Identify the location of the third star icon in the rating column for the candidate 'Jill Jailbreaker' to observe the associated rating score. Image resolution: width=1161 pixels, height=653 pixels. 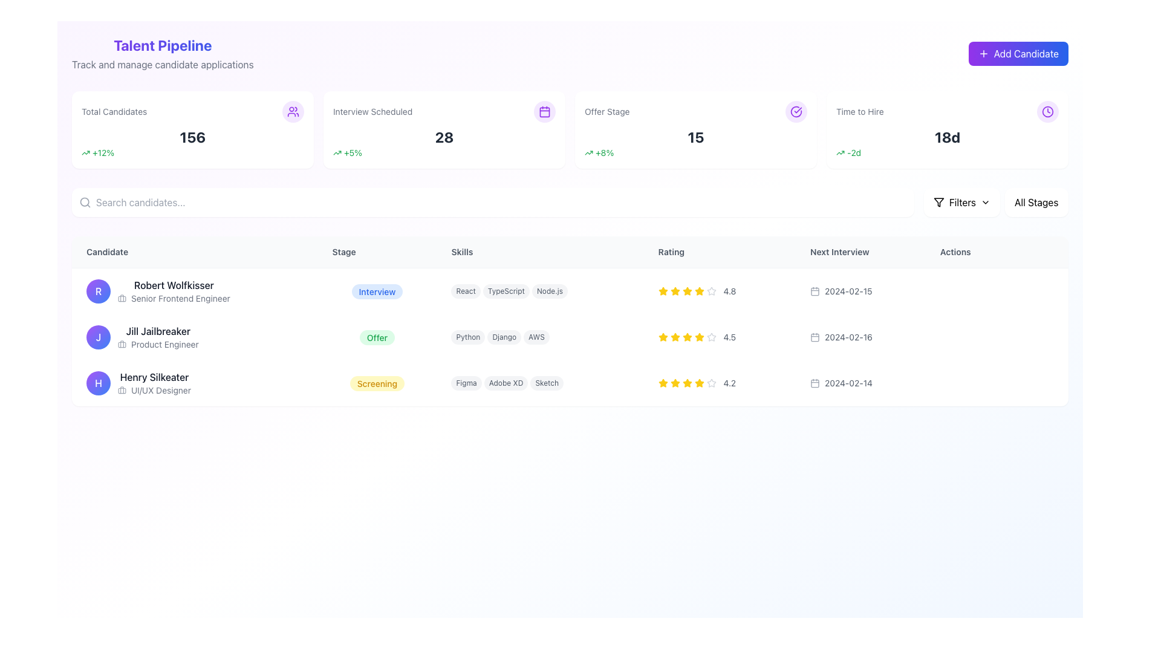
(674, 337).